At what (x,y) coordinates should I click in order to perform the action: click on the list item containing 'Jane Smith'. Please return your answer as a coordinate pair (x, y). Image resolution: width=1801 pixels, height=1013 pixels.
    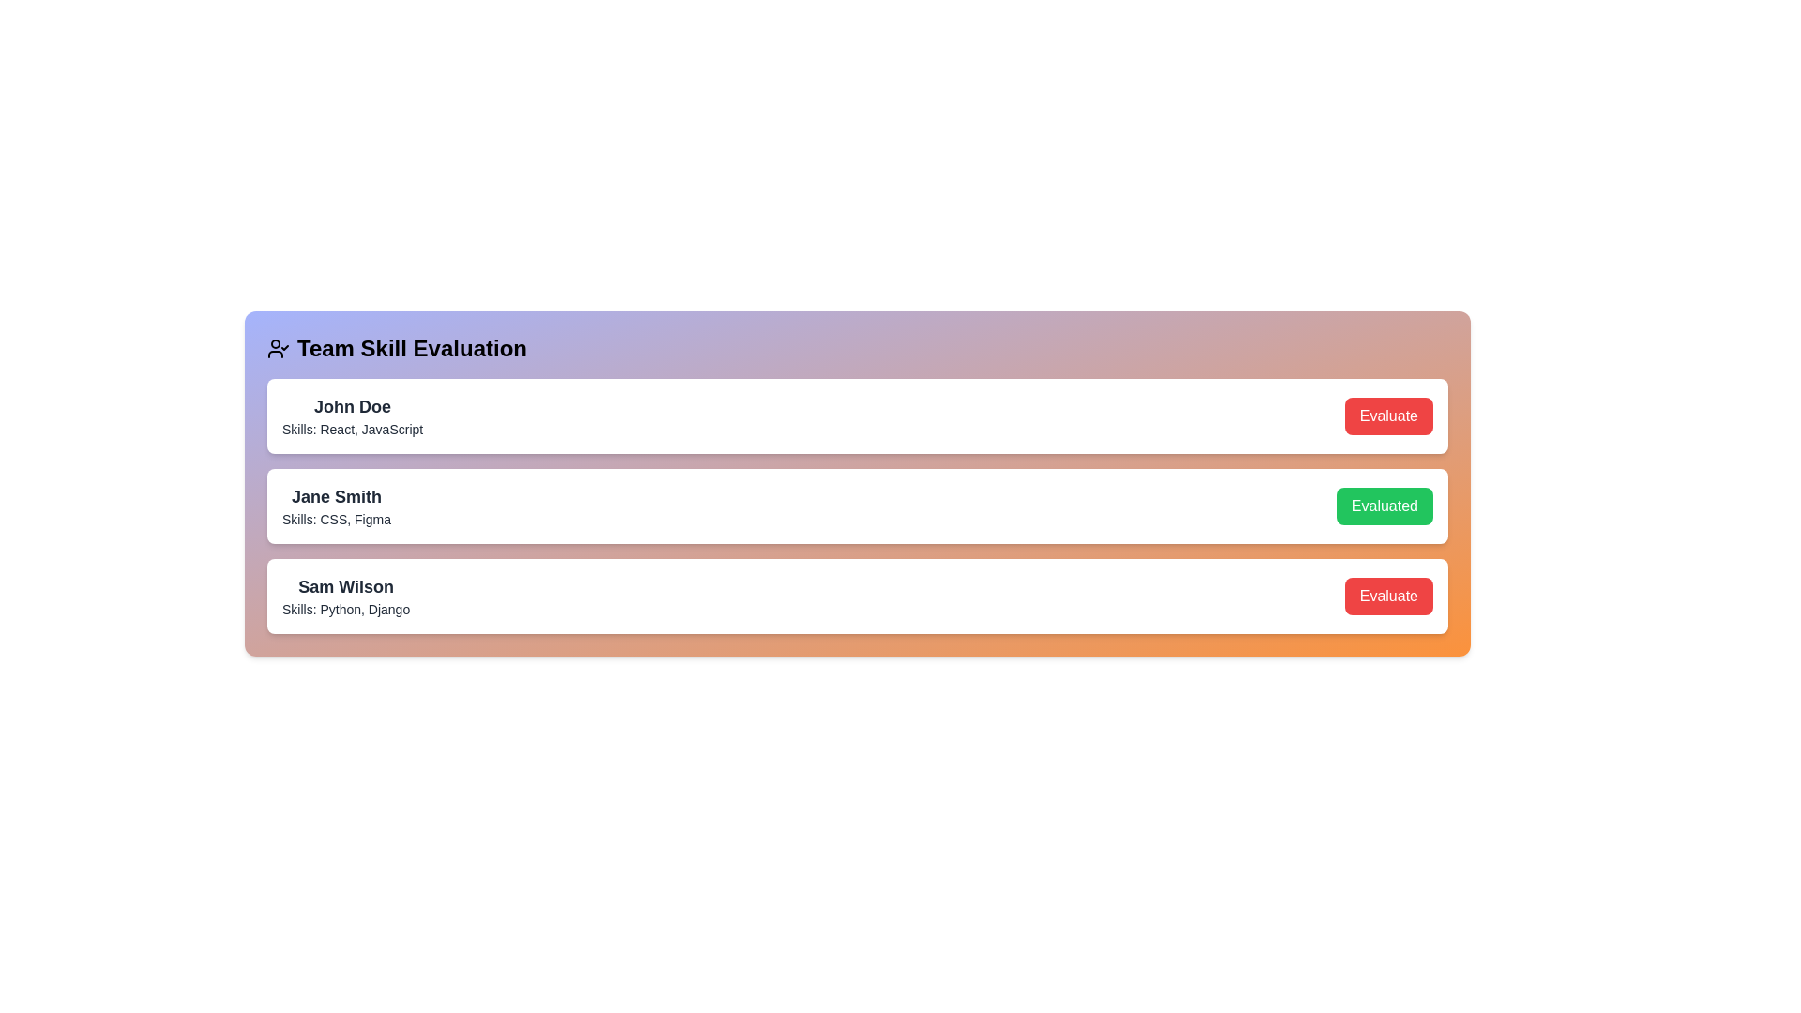
    Looking at the image, I should click on (856, 506).